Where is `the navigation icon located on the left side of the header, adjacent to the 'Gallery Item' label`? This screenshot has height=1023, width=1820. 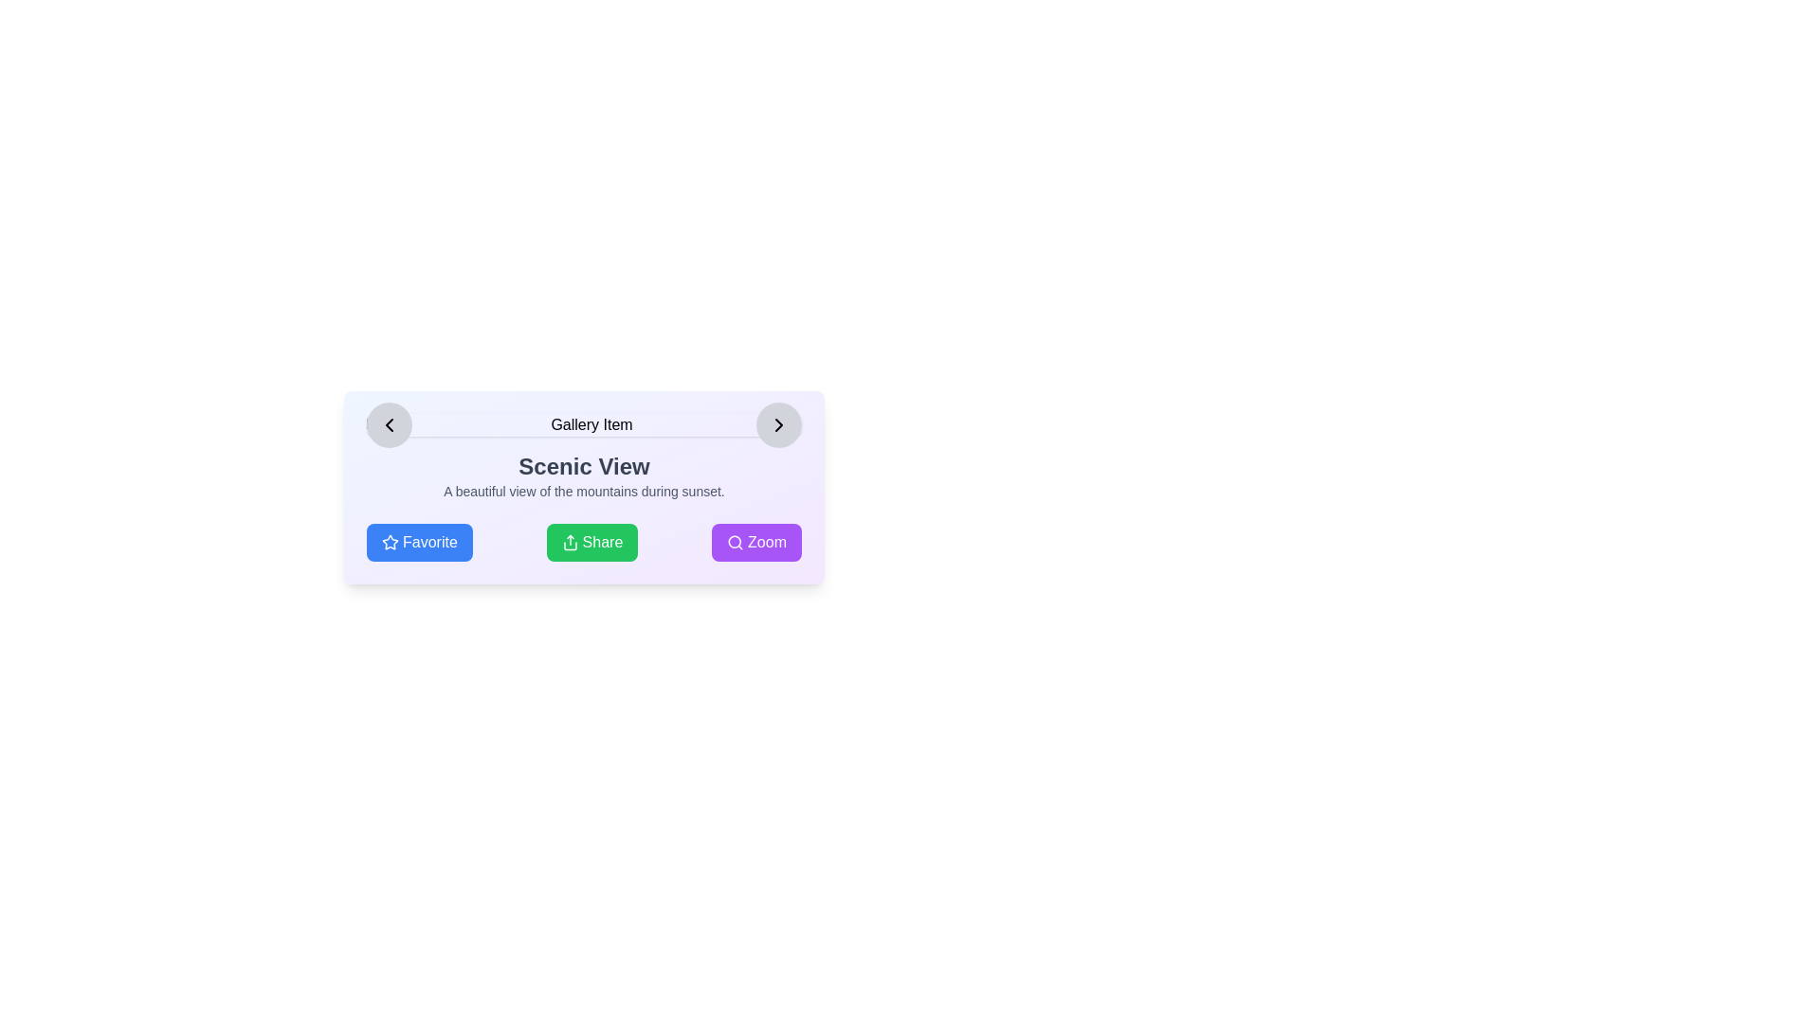 the navigation icon located on the left side of the header, adjacent to the 'Gallery Item' label is located at coordinates (389, 423).